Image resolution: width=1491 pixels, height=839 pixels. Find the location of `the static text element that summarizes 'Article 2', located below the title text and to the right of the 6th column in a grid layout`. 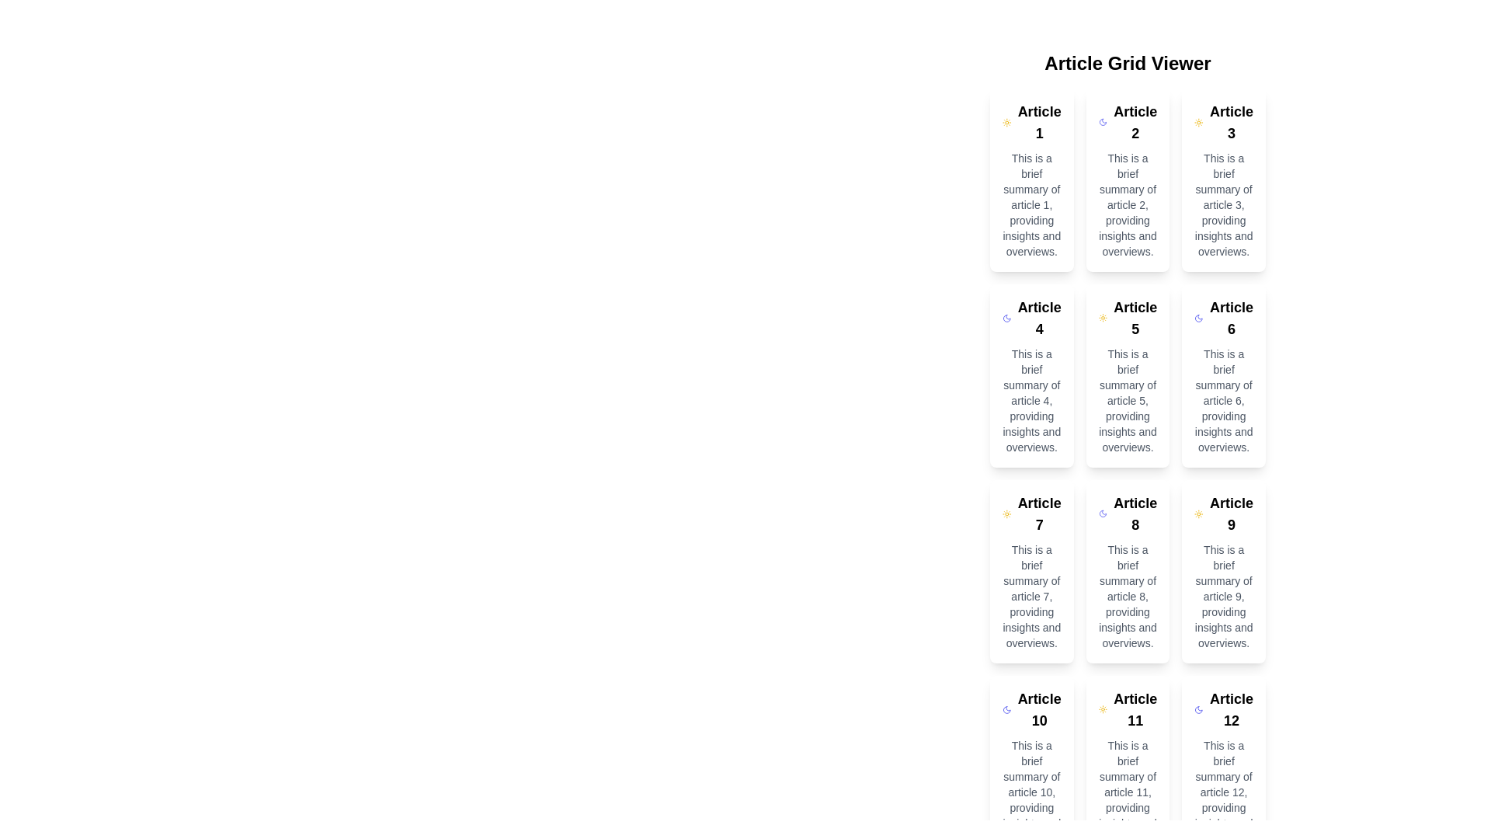

the static text element that summarizes 'Article 2', located below the title text and to the right of the 6th column in a grid layout is located at coordinates (1128, 204).